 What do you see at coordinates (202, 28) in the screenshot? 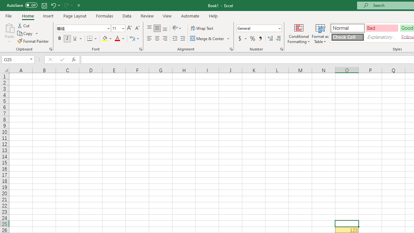
I see `'Wrap Text'` at bounding box center [202, 28].